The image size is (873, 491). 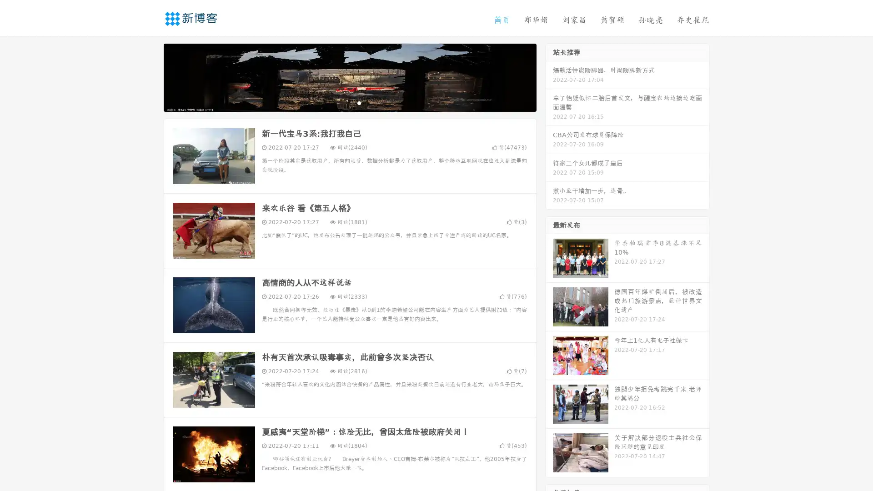 I want to click on Go to slide 3, so click(x=359, y=102).